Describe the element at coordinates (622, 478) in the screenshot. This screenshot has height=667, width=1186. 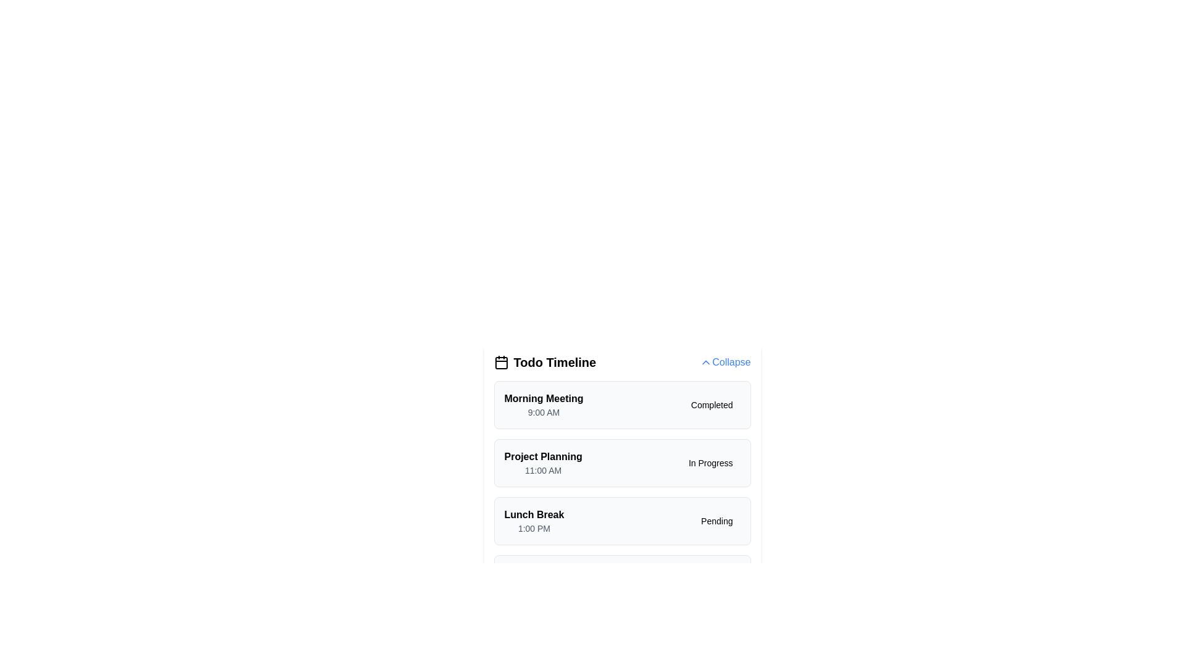
I see `the 'Project Planning' task card, which features a title, time, and a status indicator labeled 'In Progress'` at that location.